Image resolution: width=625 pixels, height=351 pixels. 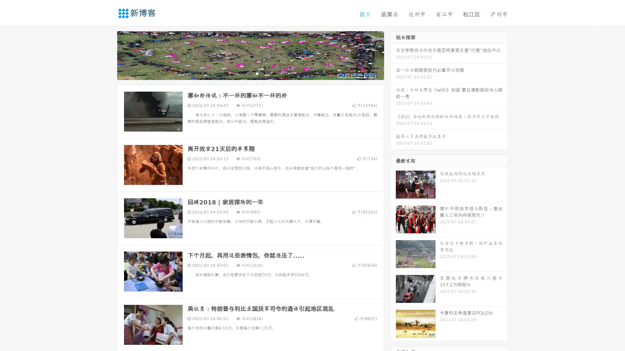 I want to click on Next slide, so click(x=393, y=55).